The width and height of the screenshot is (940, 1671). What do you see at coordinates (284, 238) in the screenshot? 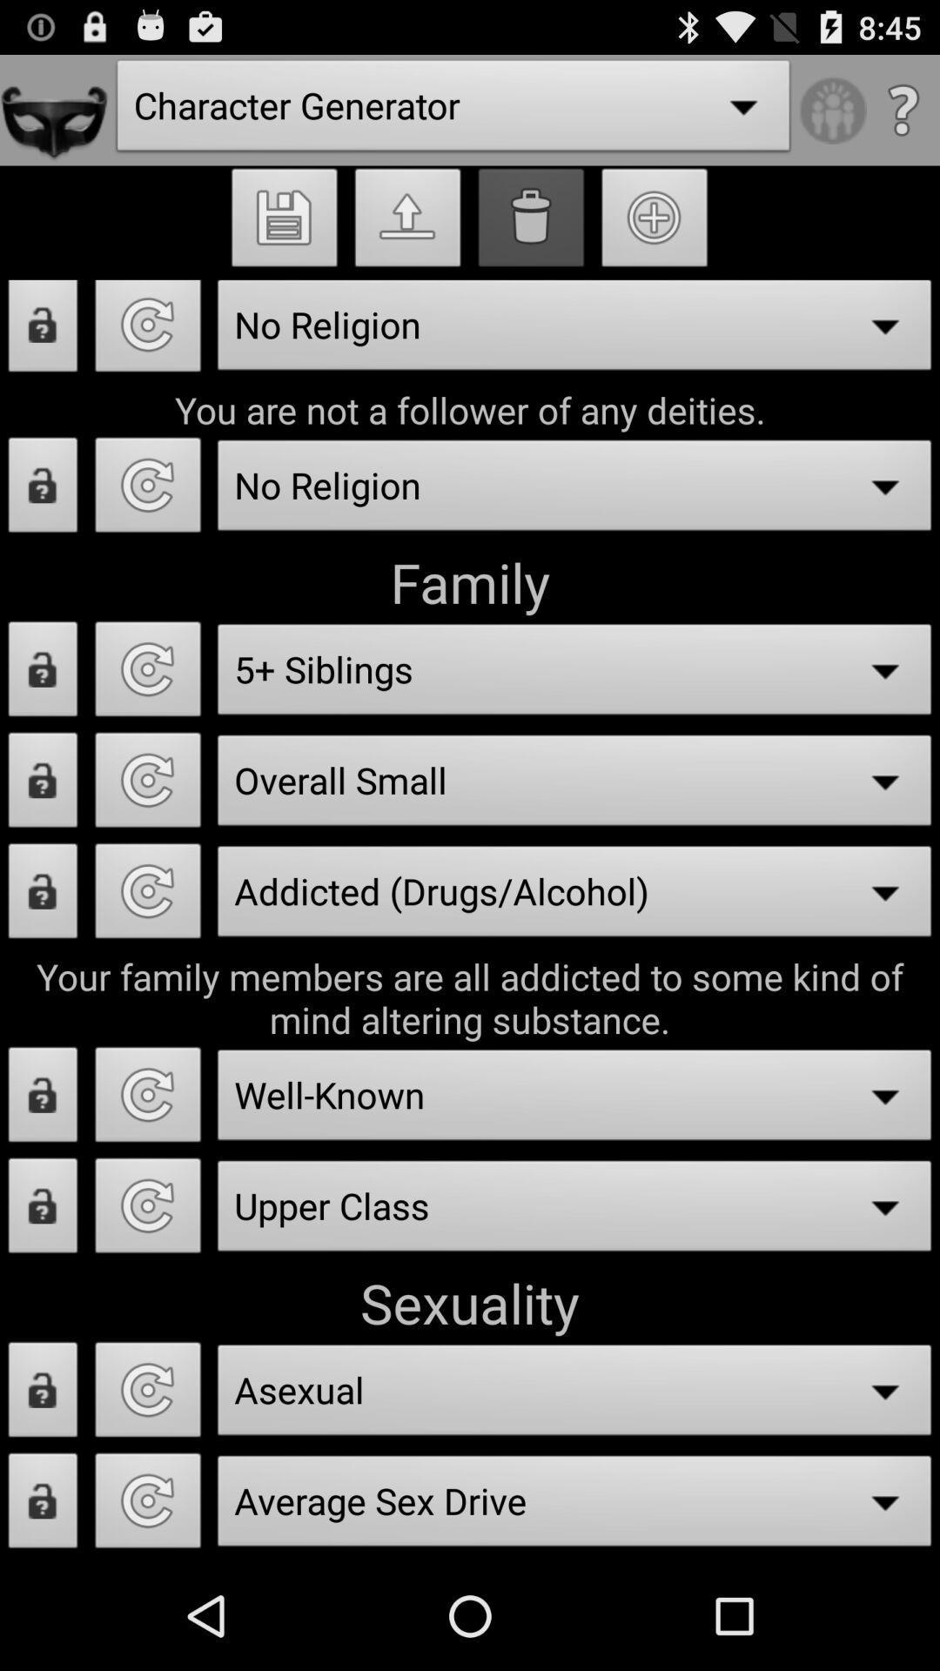
I see `the save icon` at bounding box center [284, 238].